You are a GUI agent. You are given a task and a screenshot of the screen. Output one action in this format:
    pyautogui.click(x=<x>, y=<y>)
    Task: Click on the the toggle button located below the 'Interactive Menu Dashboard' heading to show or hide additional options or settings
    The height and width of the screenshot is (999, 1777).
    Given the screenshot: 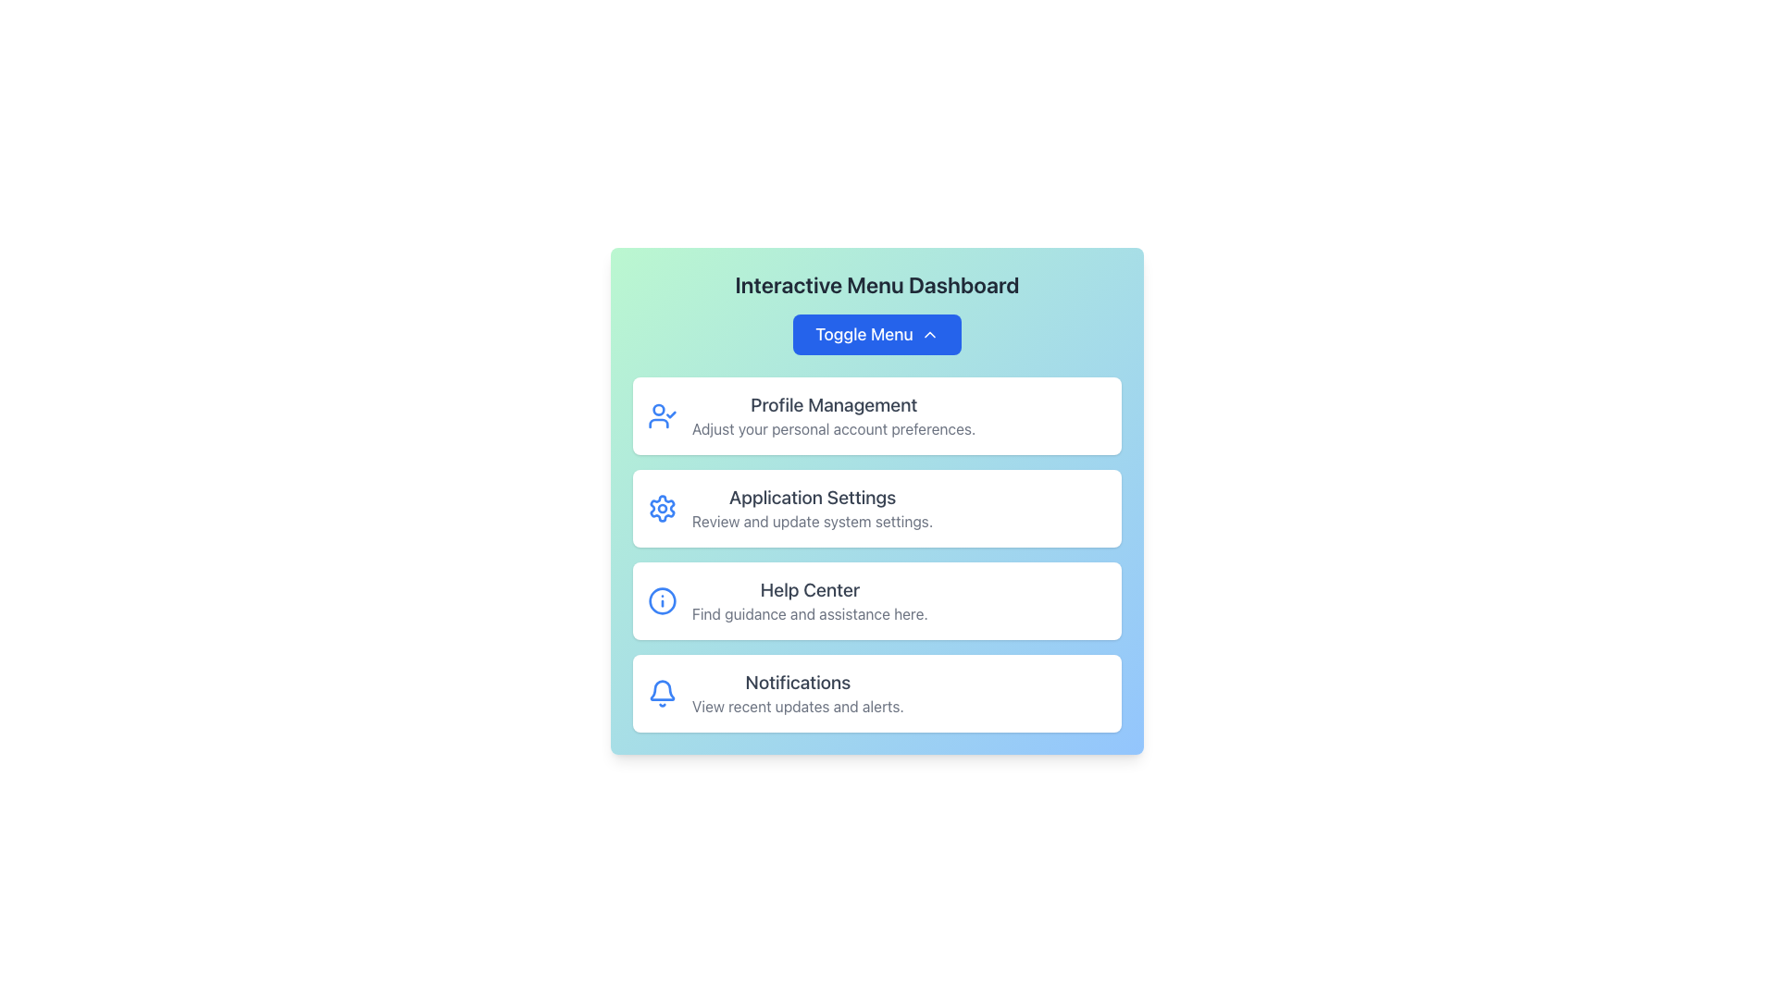 What is the action you would take?
    pyautogui.click(x=876, y=335)
    